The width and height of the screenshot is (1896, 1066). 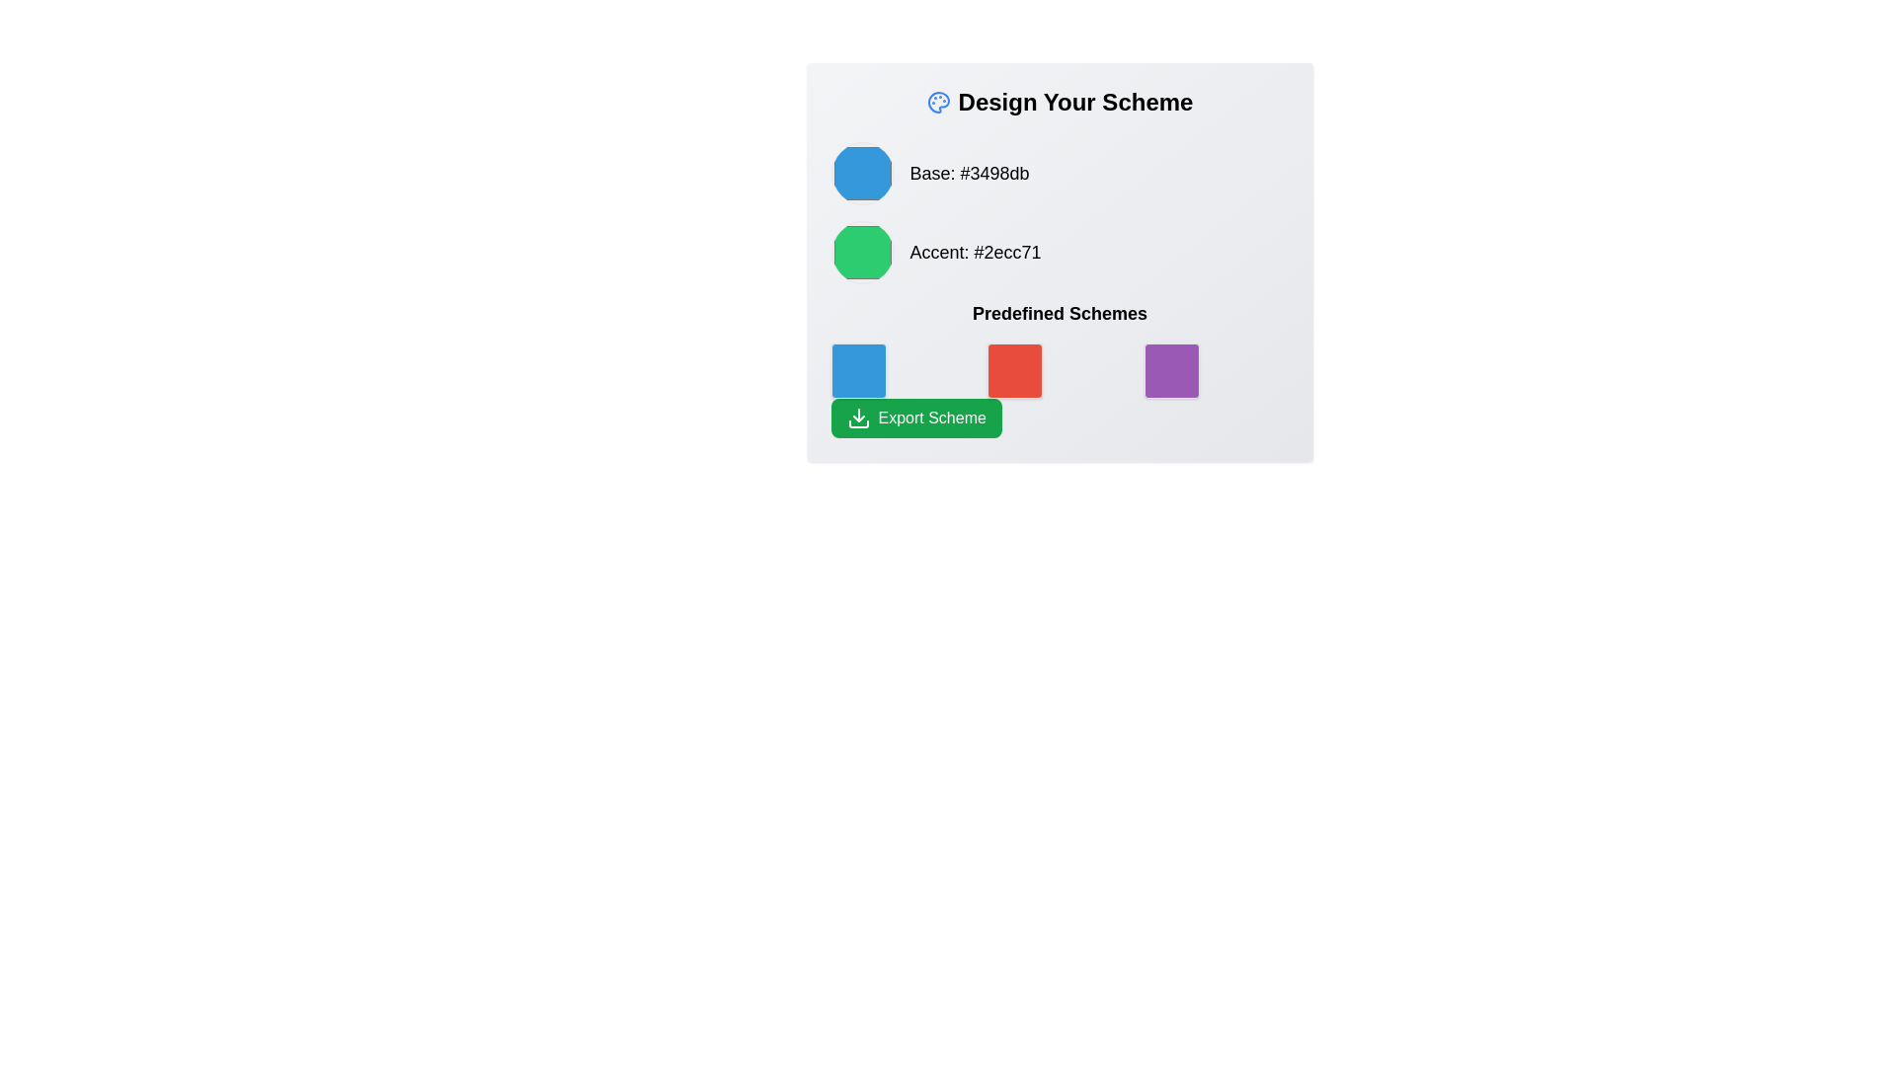 I want to click on text content of the label displaying 'Accent: #2ecc71', which is positioned to the right of the green circular color indicator, so click(x=976, y=251).